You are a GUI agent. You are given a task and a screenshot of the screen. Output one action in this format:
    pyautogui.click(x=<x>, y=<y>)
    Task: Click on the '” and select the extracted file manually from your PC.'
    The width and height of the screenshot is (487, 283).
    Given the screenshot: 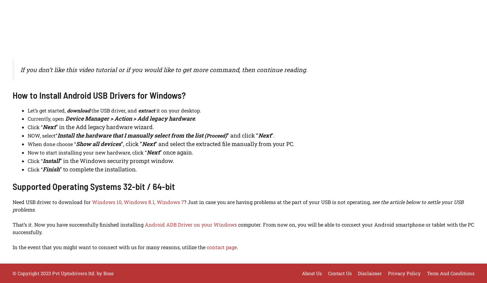 What is the action you would take?
    pyautogui.click(x=225, y=144)
    